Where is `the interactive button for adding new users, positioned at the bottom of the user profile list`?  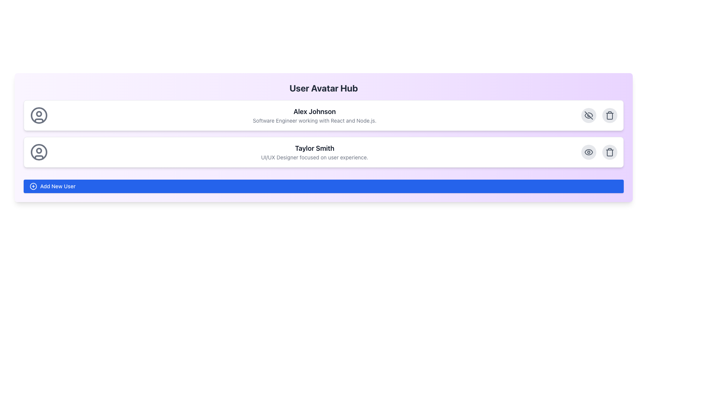 the interactive button for adding new users, positioned at the bottom of the user profile list is located at coordinates (324, 186).